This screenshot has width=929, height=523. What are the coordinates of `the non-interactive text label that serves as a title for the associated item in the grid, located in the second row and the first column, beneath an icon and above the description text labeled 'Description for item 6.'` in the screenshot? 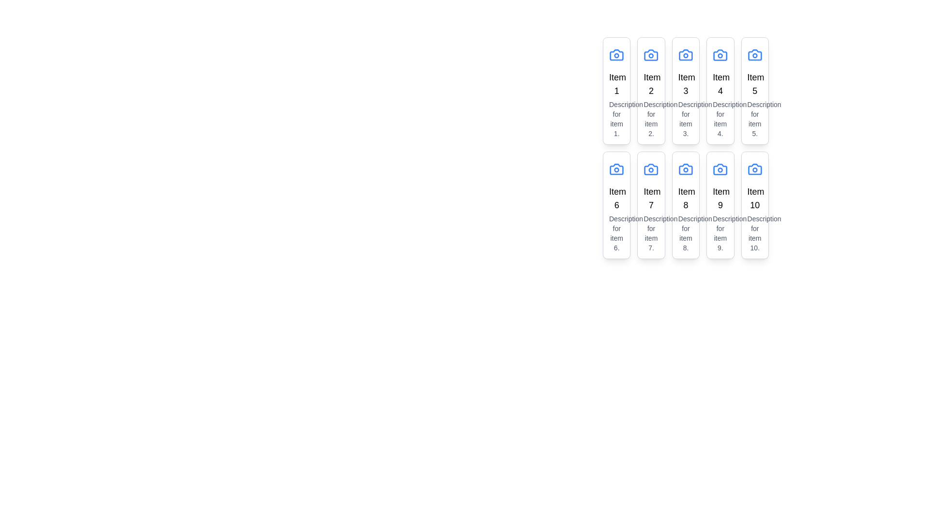 It's located at (616, 198).